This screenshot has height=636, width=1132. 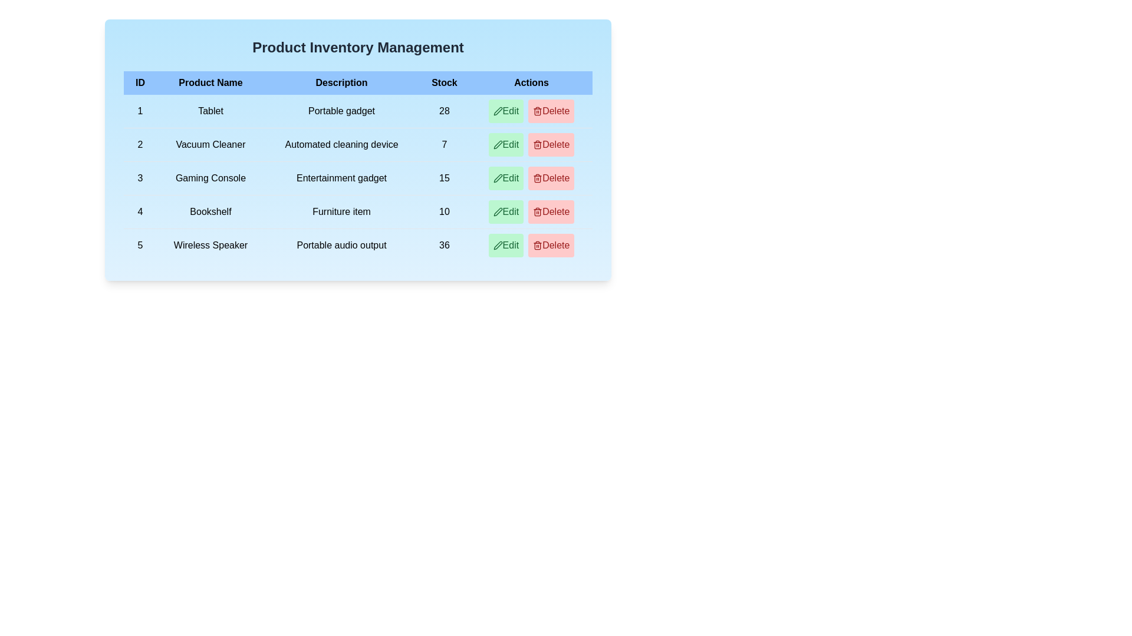 I want to click on the trash can icon in red color located in the Delete button of the Actions column in the last row of the product inventory table, so click(x=537, y=244).